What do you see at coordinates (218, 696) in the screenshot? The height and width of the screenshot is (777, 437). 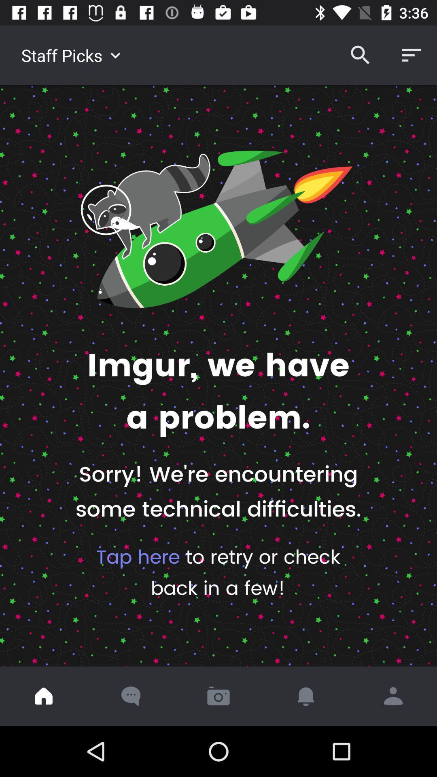 I see `the icon below the tap here to` at bounding box center [218, 696].